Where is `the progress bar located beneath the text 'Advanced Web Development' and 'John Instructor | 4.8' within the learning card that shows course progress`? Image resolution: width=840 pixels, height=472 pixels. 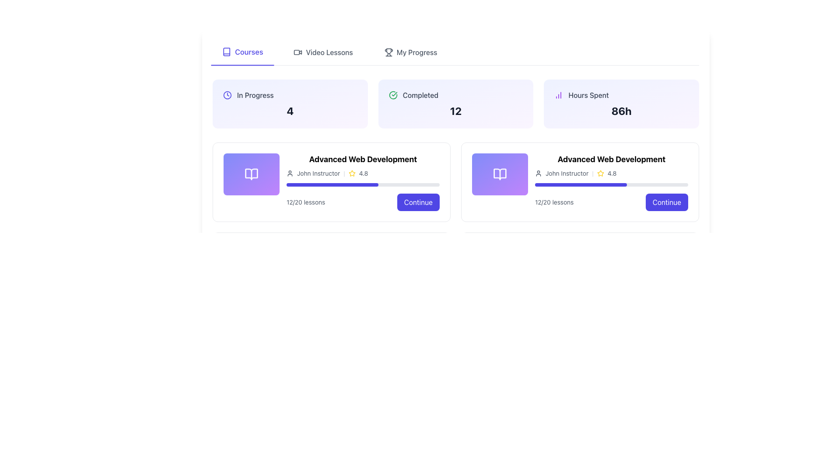
the progress bar located beneath the text 'Advanced Web Development' and 'John Instructor | 4.8' within the learning card that shows course progress is located at coordinates (611, 184).